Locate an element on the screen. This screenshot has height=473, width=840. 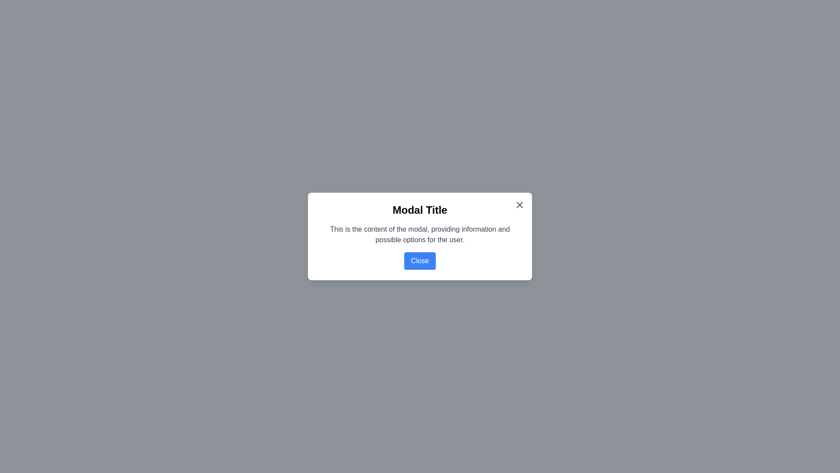
the 'Close' button, which is a rectangular button with a blue background and white text, located at the bottom center of the modal window is located at coordinates (420, 261).